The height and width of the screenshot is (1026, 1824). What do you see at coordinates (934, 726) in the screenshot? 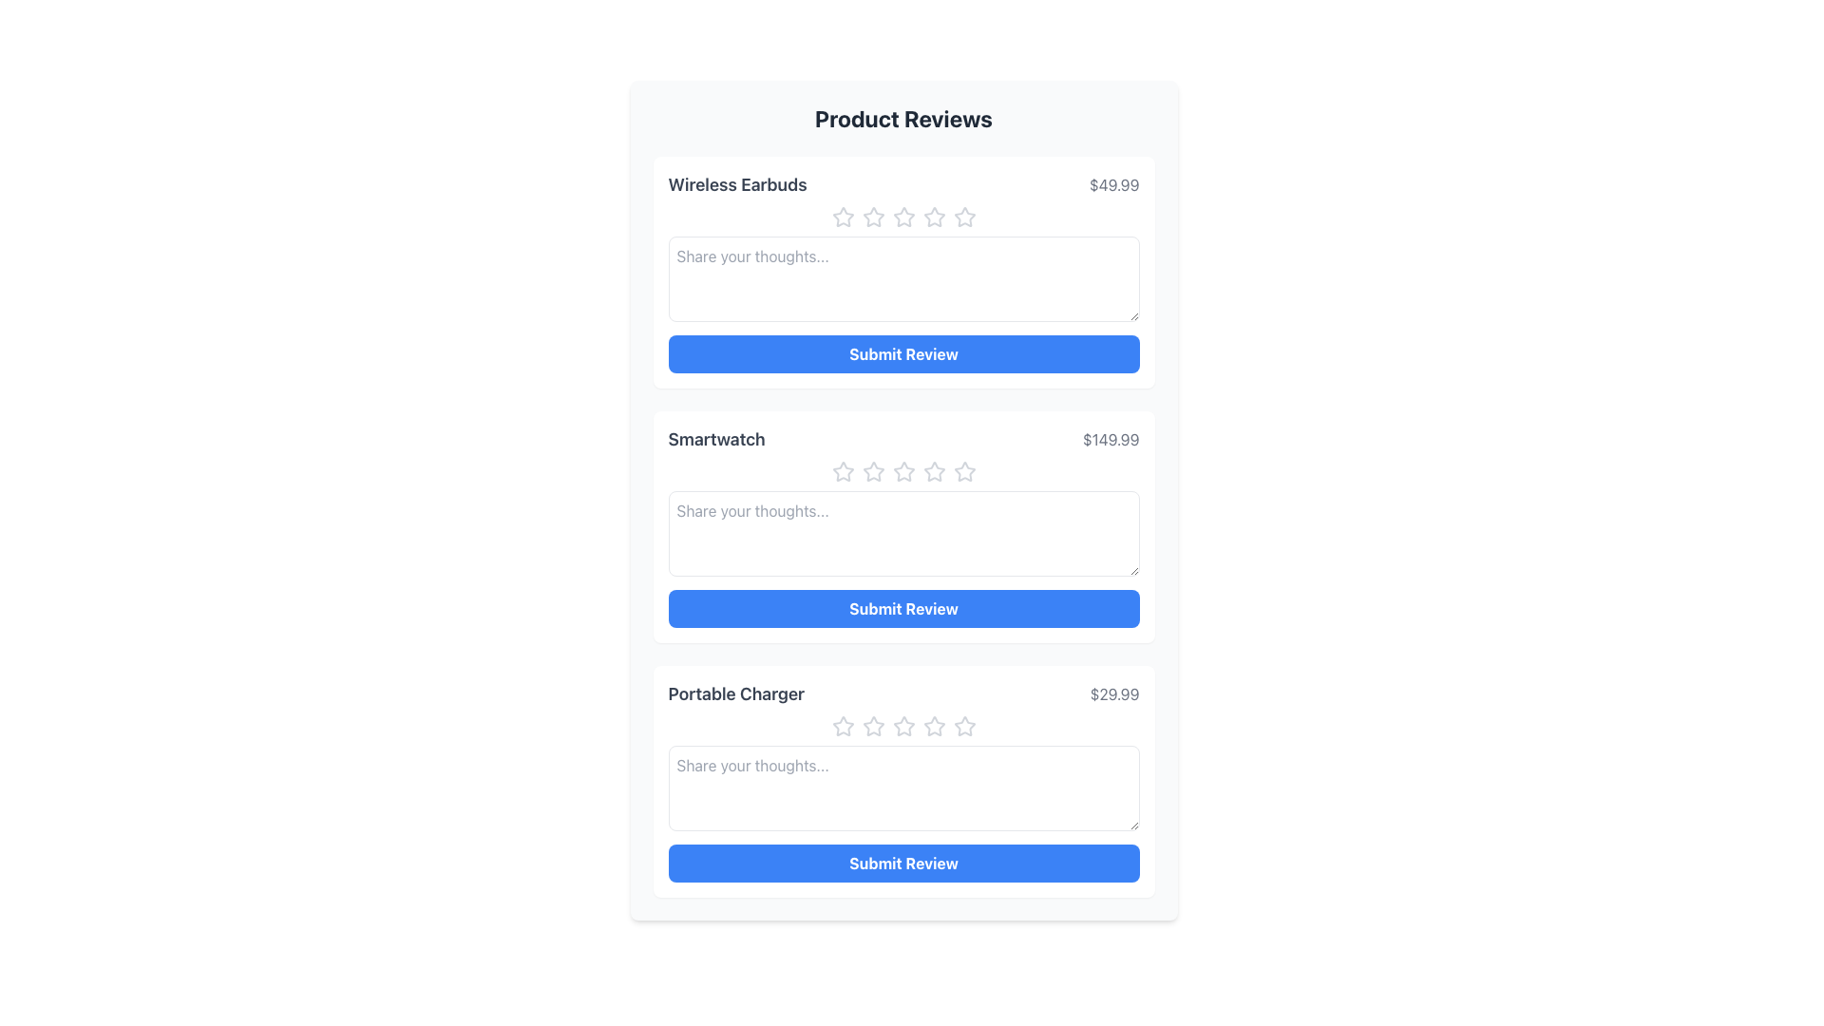
I see `the fourth star icon in the rating section for the Portable Charger` at bounding box center [934, 726].